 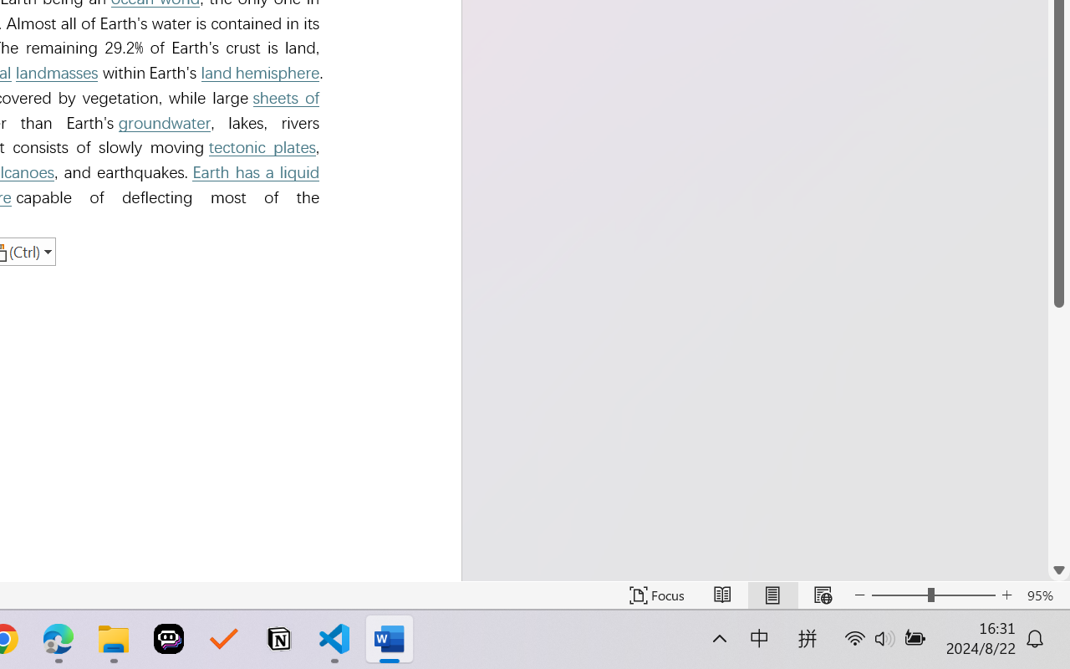 What do you see at coordinates (56, 73) in the screenshot?
I see `'landmasses'` at bounding box center [56, 73].